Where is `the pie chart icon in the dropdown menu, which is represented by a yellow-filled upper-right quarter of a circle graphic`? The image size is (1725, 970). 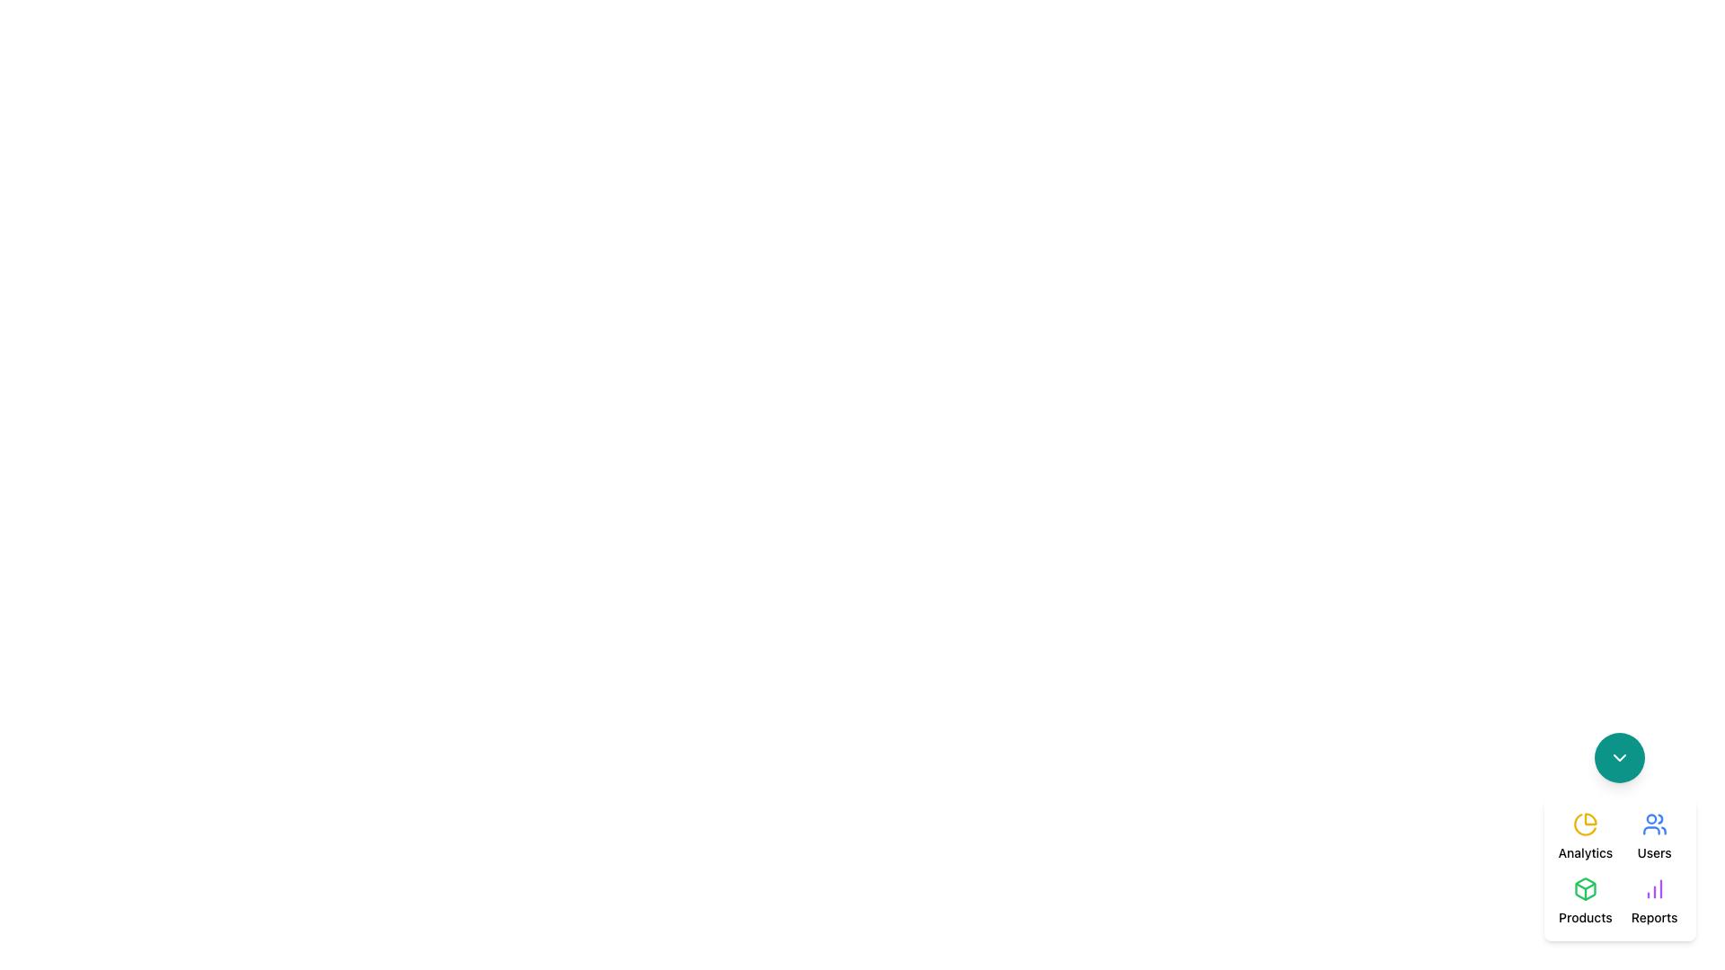 the pie chart icon in the dropdown menu, which is represented by a yellow-filled upper-right quarter of a circle graphic is located at coordinates (1590, 819).